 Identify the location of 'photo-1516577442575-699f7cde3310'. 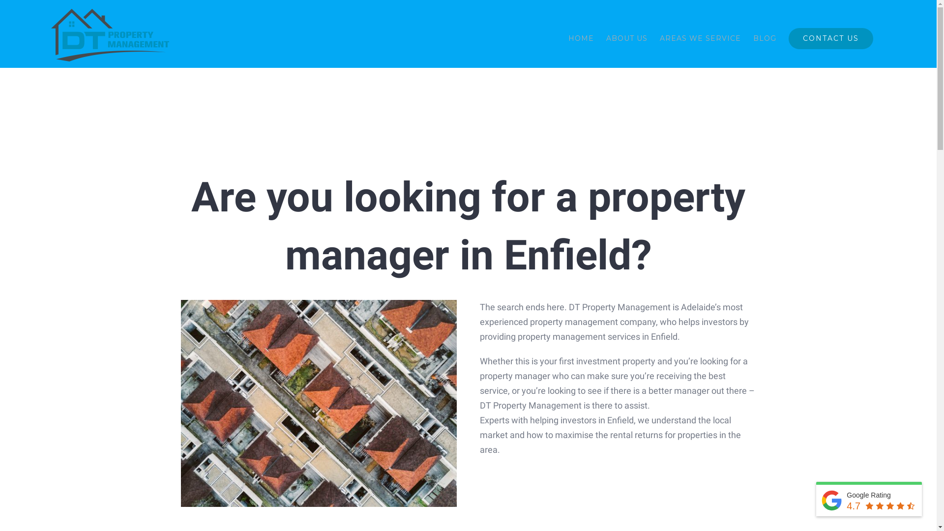
(319, 403).